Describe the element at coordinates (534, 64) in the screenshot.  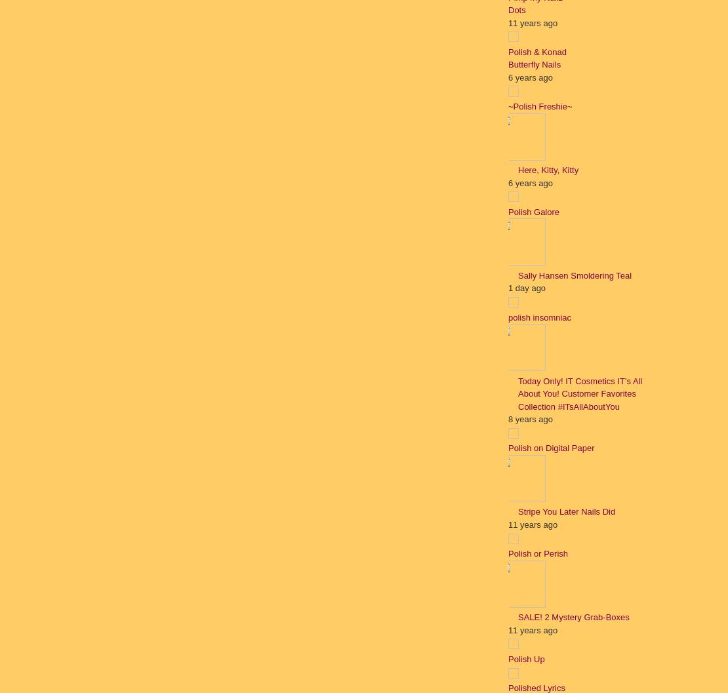
I see `'Butterfly Nails'` at that location.